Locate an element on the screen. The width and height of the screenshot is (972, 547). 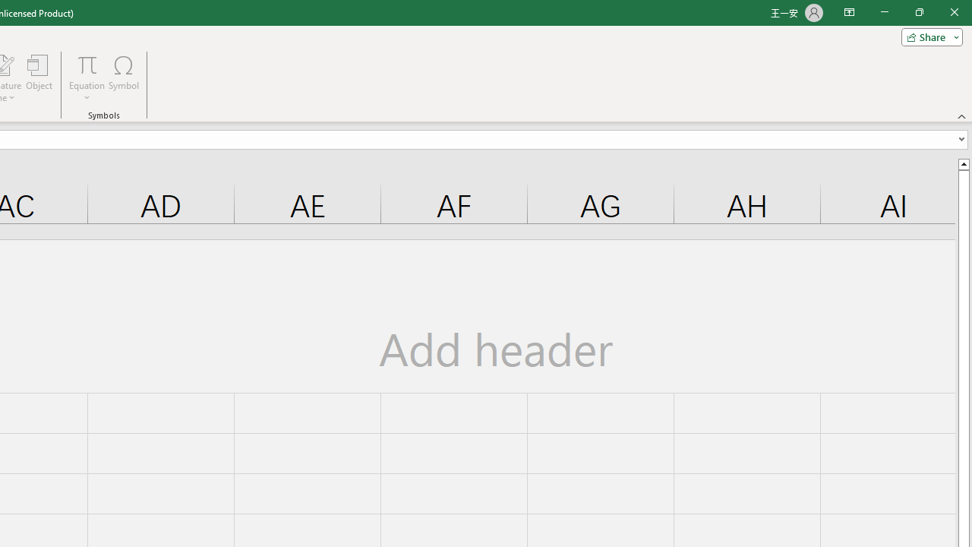
'Equation' is located at coordinates (87, 64).